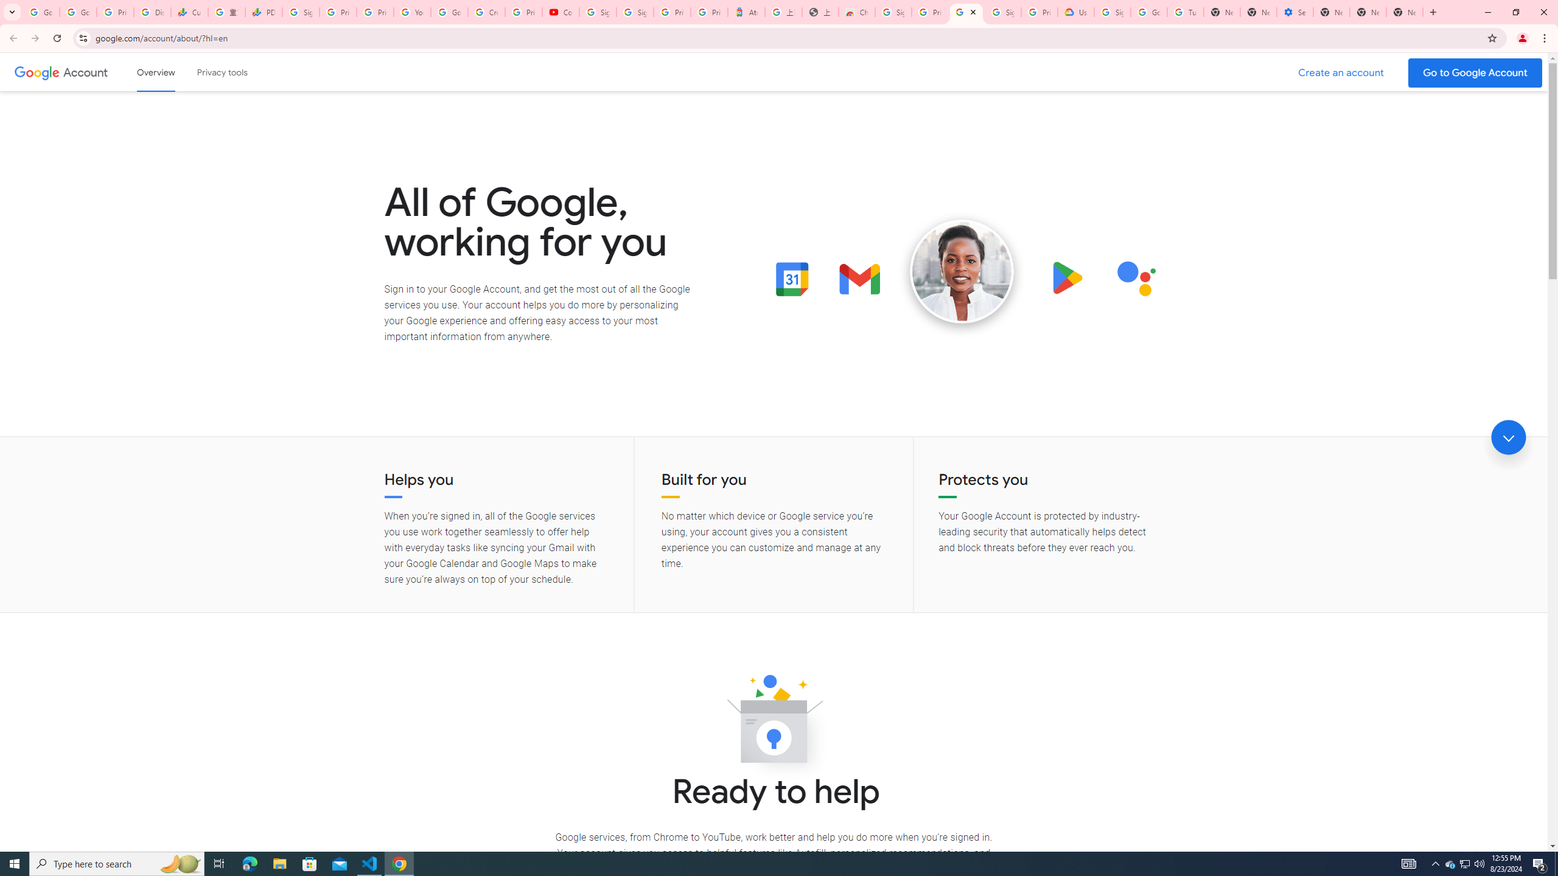 The height and width of the screenshot is (876, 1558). Describe the element at coordinates (189, 12) in the screenshot. I see `'Currencies - Google Finance'` at that location.